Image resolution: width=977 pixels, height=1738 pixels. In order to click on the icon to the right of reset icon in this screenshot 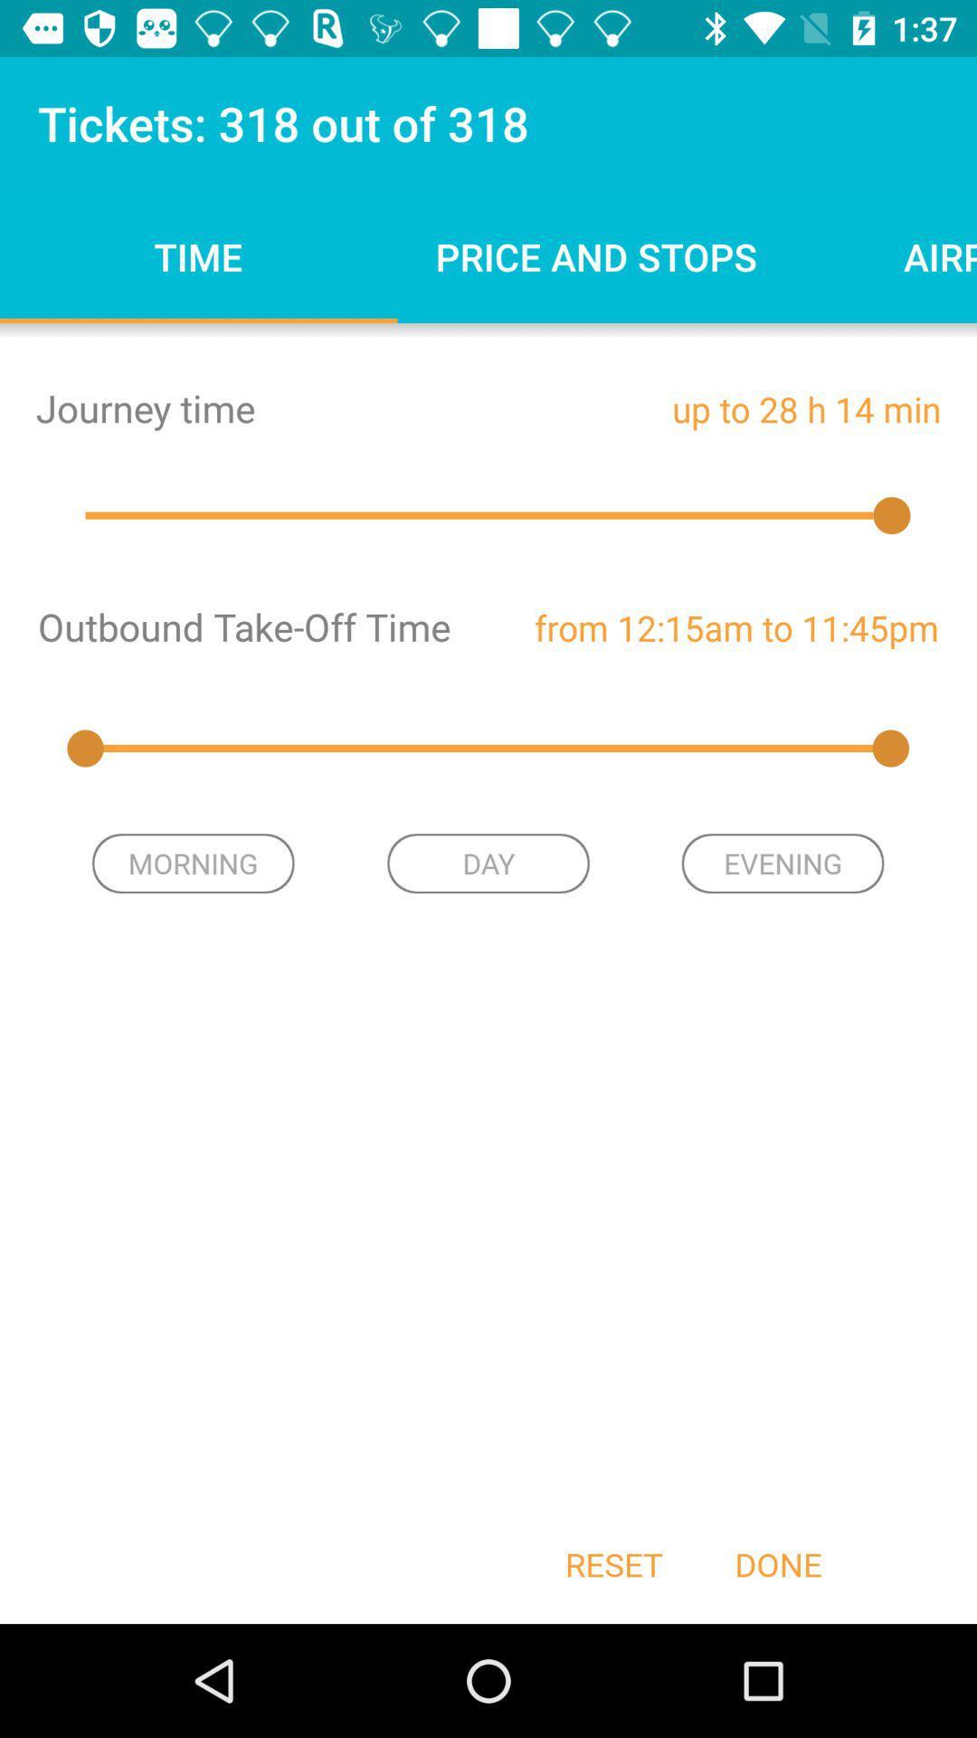, I will do `click(777, 1563)`.